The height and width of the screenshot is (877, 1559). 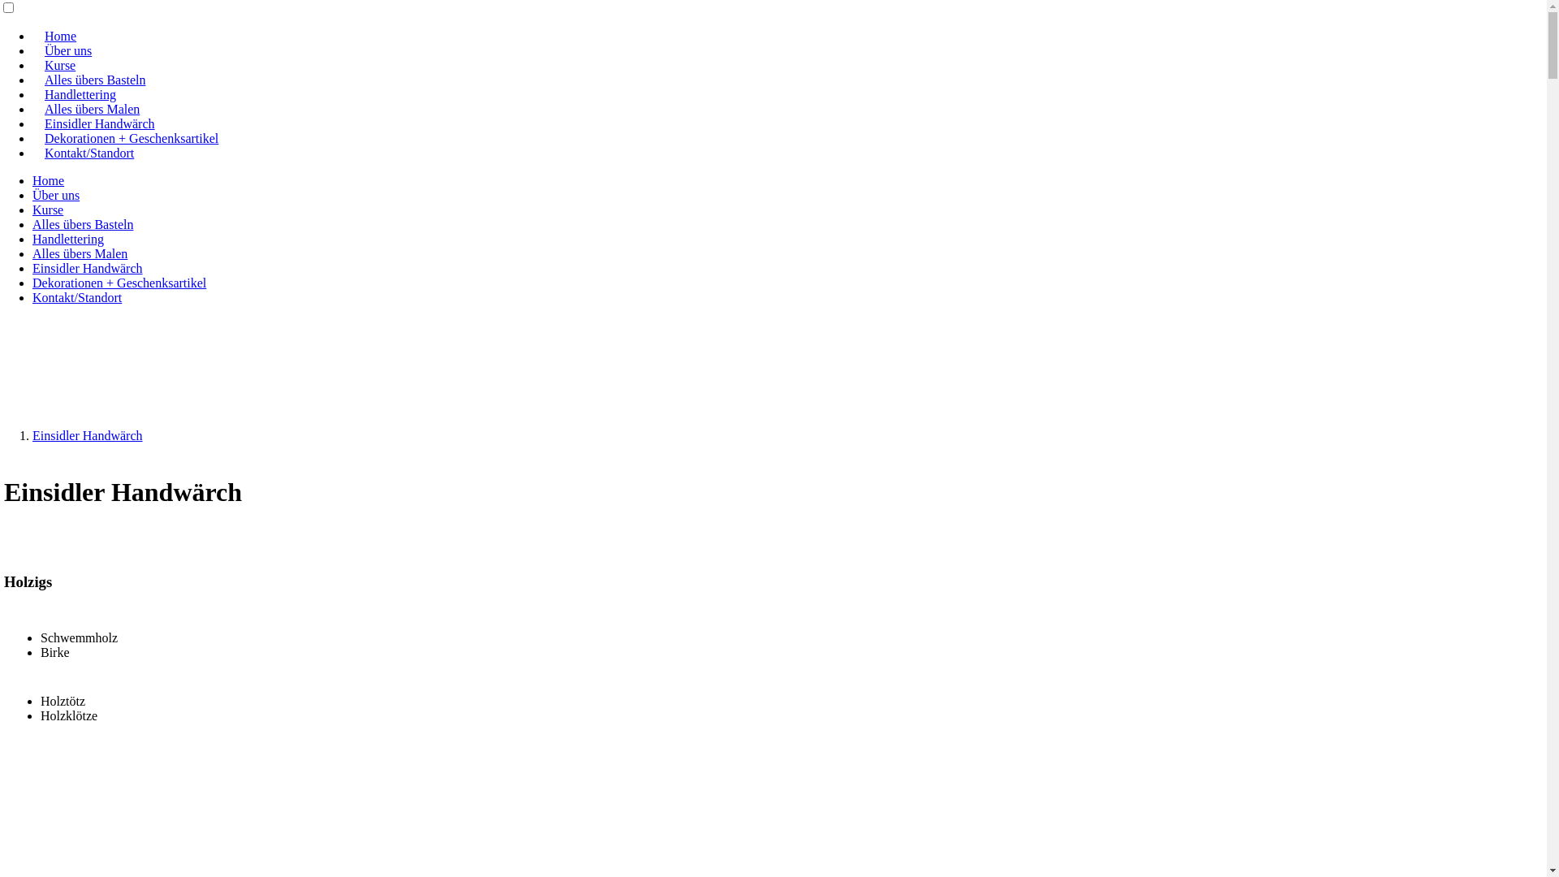 What do you see at coordinates (89, 153) in the screenshot?
I see `'Kontakt/Standort'` at bounding box center [89, 153].